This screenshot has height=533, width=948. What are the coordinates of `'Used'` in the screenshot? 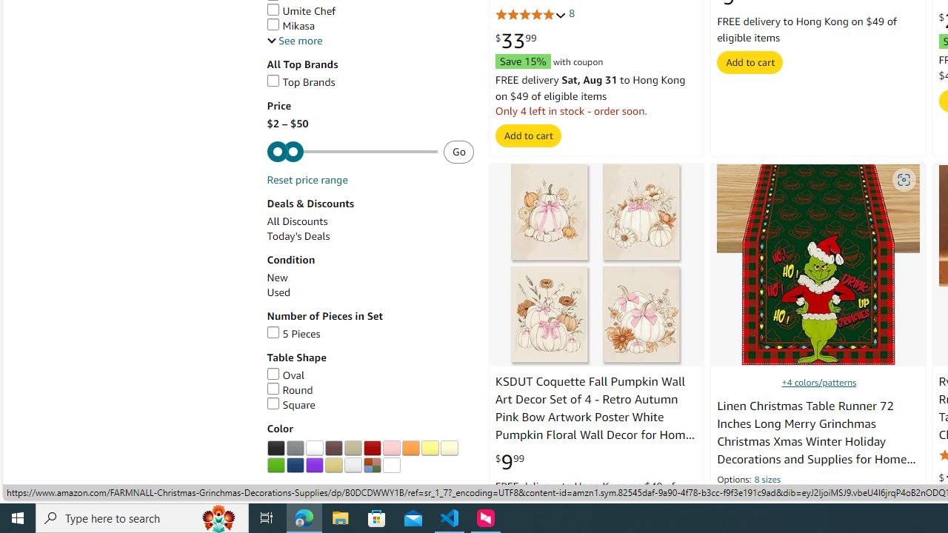 It's located at (278, 292).